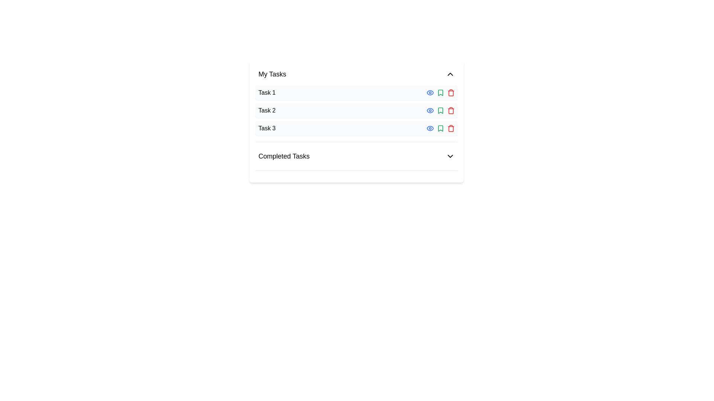 Image resolution: width=714 pixels, height=401 pixels. What do you see at coordinates (441, 92) in the screenshot?
I see `the IconButton representing the bookmarking function for 'Task 1'` at bounding box center [441, 92].